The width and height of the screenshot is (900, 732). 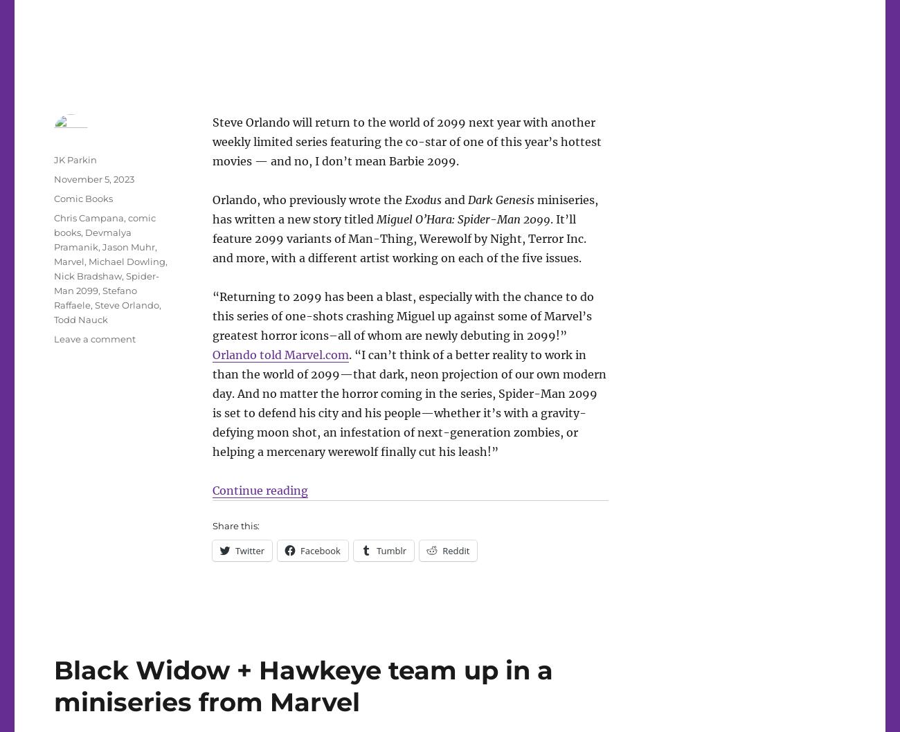 What do you see at coordinates (408, 403) in the screenshot?
I see `'. “I can’t think of a better reality to work in than the world of 2099—that dark, neon projection of our own modern day. And no matter the horror coming in the series, Spider-Man 2099 is set to defend his city and his people—whether it’s with a gravity-defying moon shot, an infestation of next-generation zombies, or helping a mercenary werewolf finally cut his leash!”'` at bounding box center [408, 403].